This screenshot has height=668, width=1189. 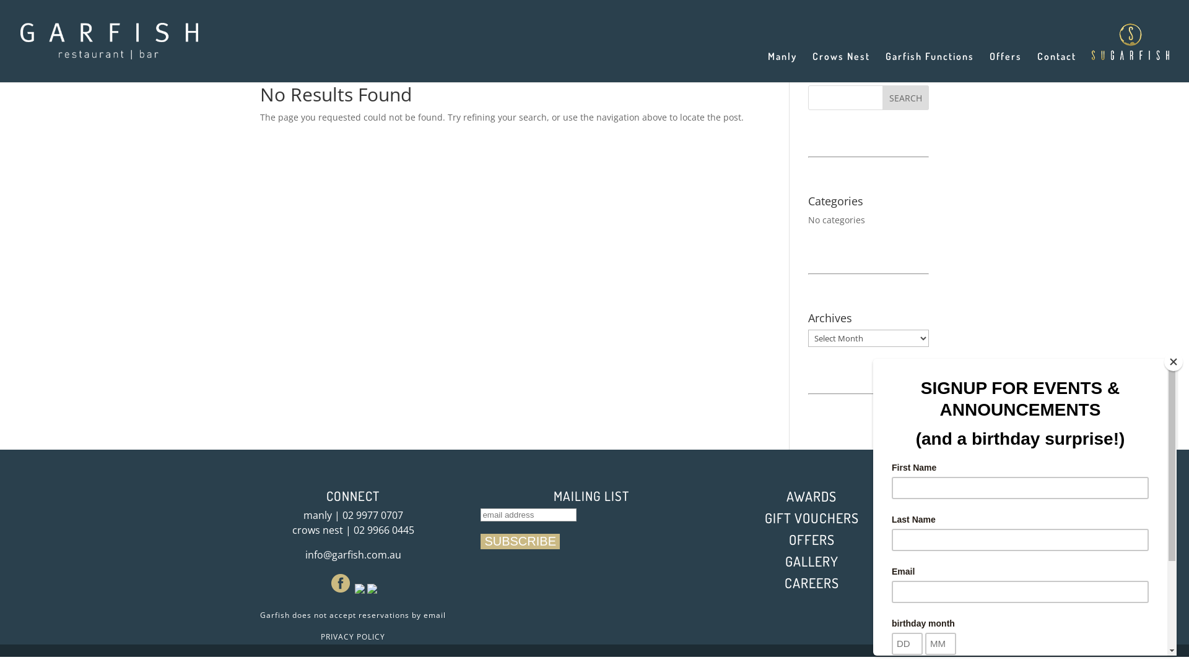 I want to click on 'Subscribe', so click(x=520, y=541).